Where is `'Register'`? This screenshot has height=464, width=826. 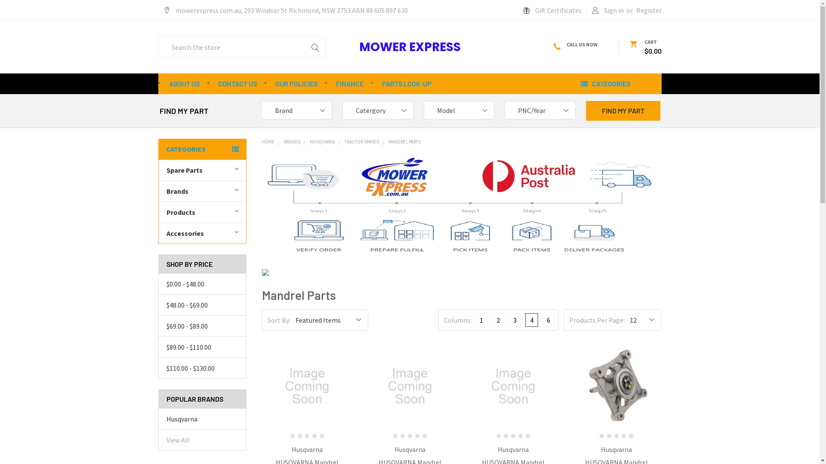 'Register' is located at coordinates (636, 10).